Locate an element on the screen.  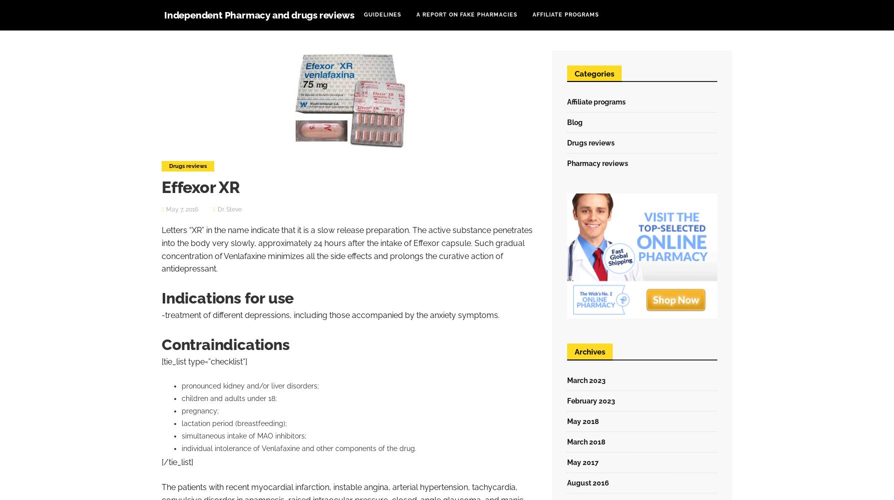
'simultaneous intake of MAO inhibitors;' is located at coordinates (243, 435).